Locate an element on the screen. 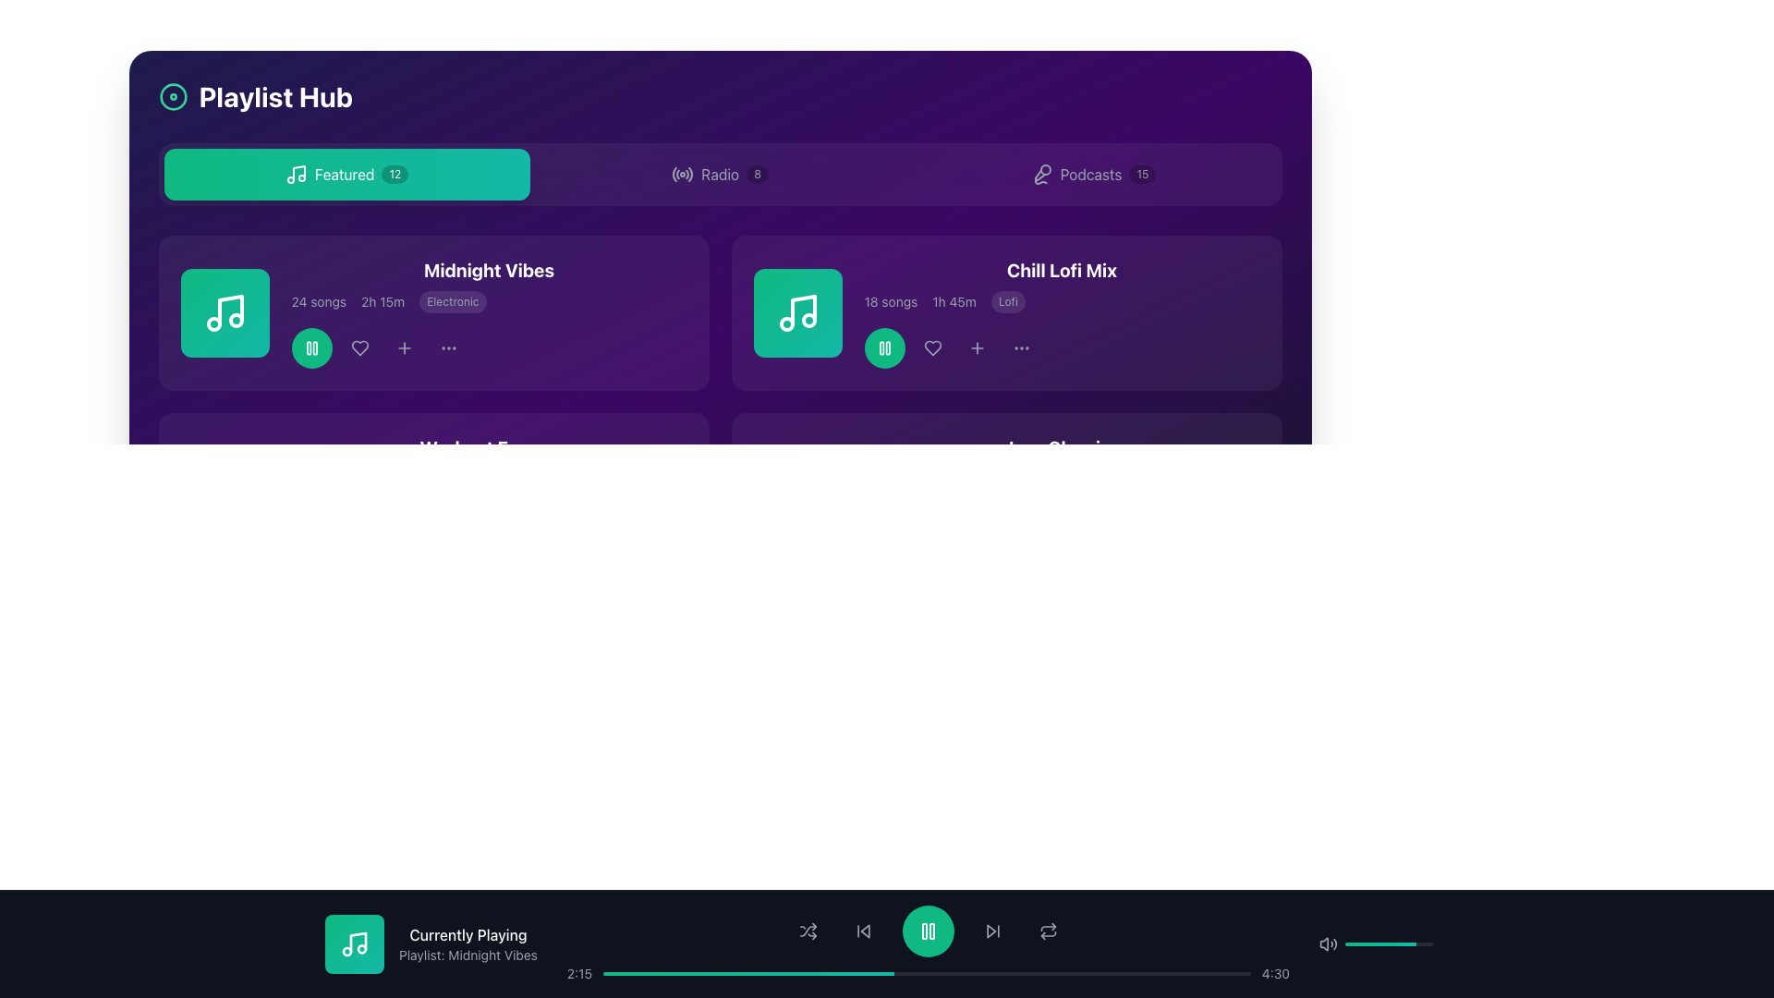  playback time is located at coordinates (795, 972).